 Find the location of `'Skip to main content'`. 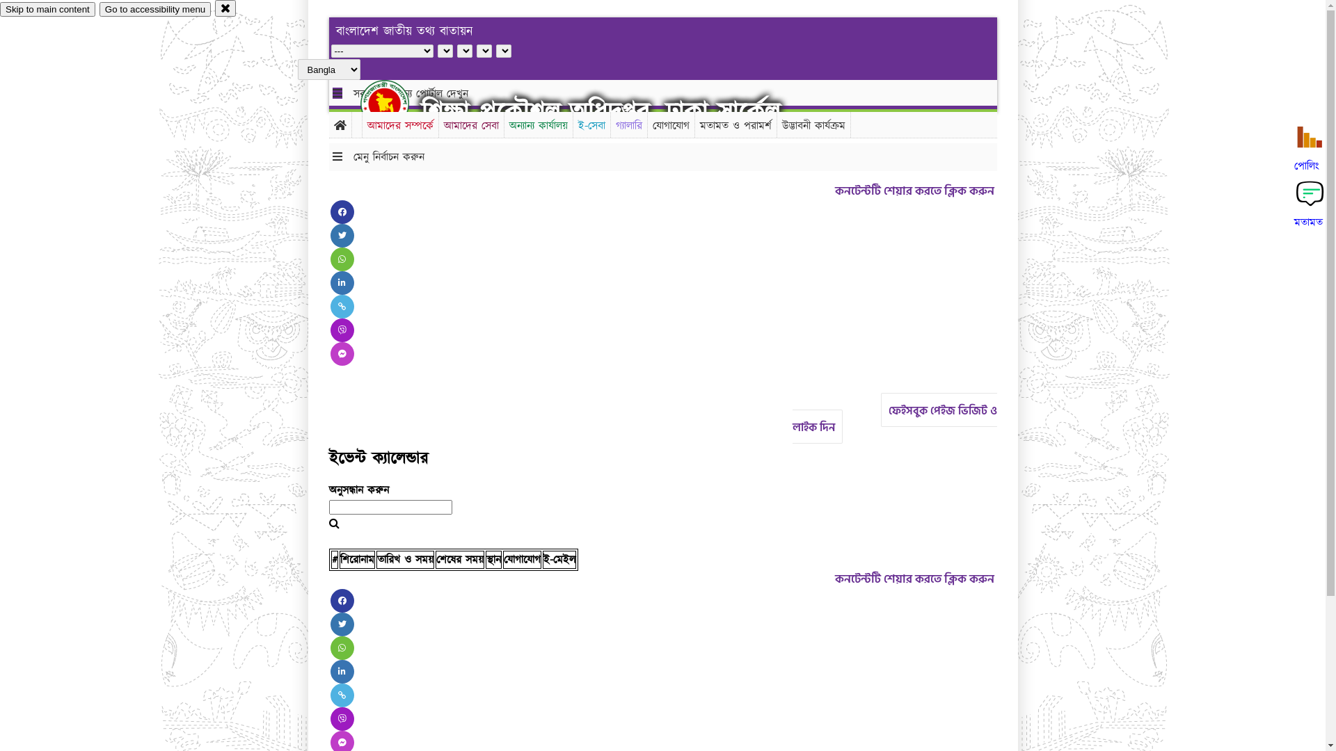

'Skip to main content' is located at coordinates (47, 9).